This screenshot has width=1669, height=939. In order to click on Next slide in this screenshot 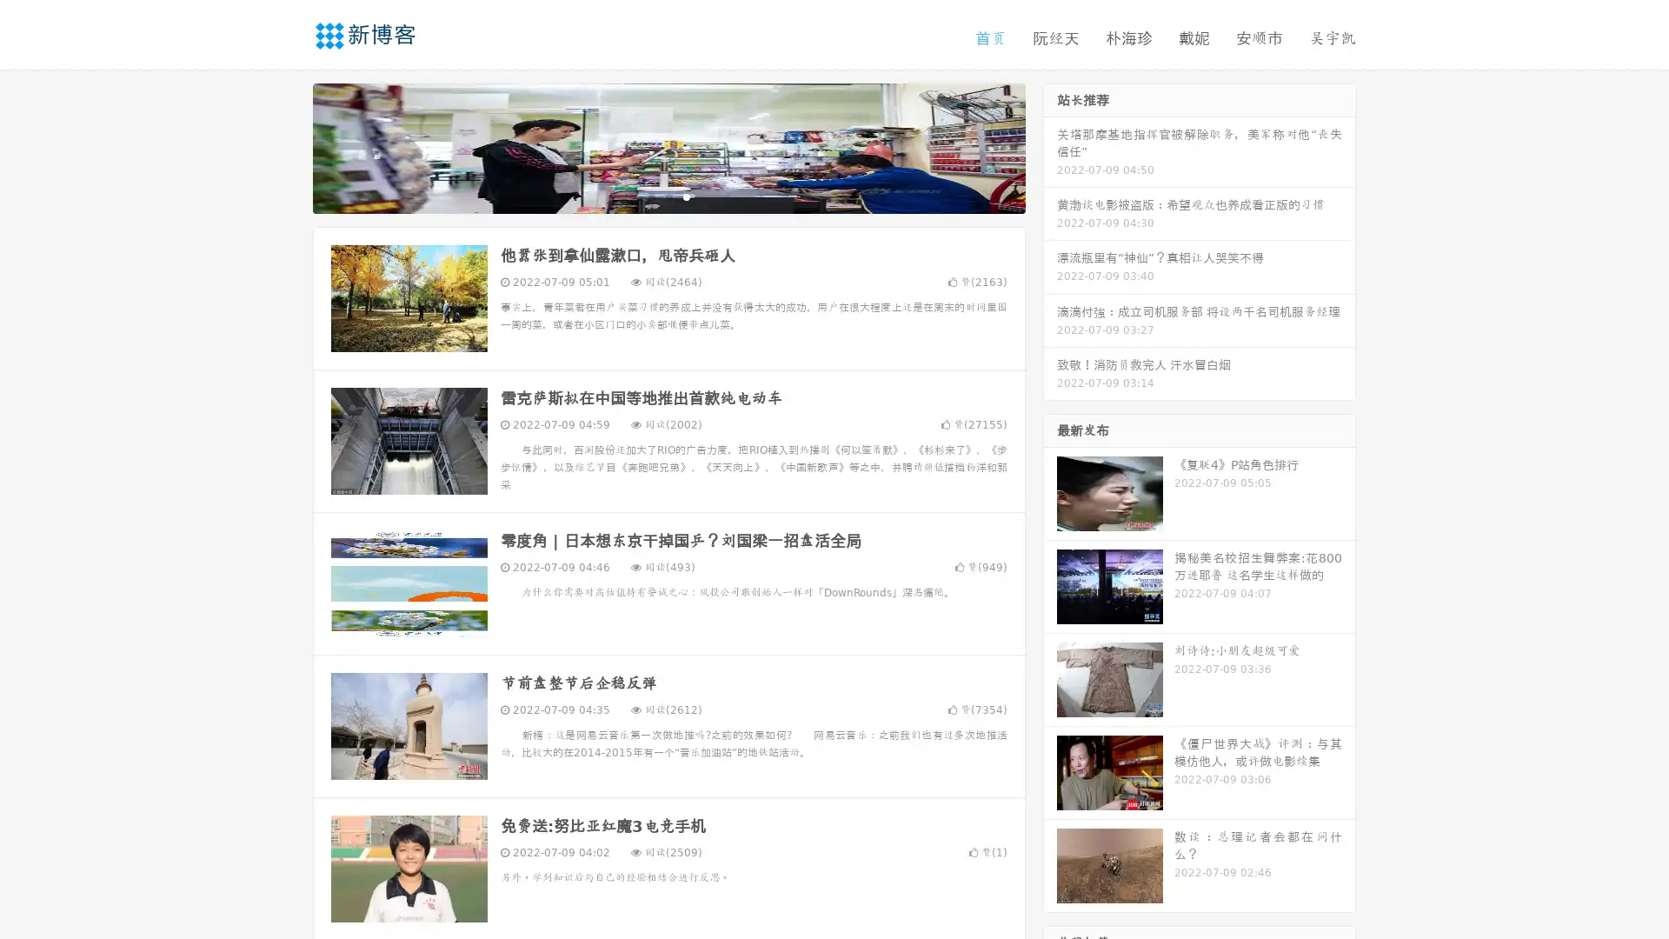, I will do `click(1050, 146)`.